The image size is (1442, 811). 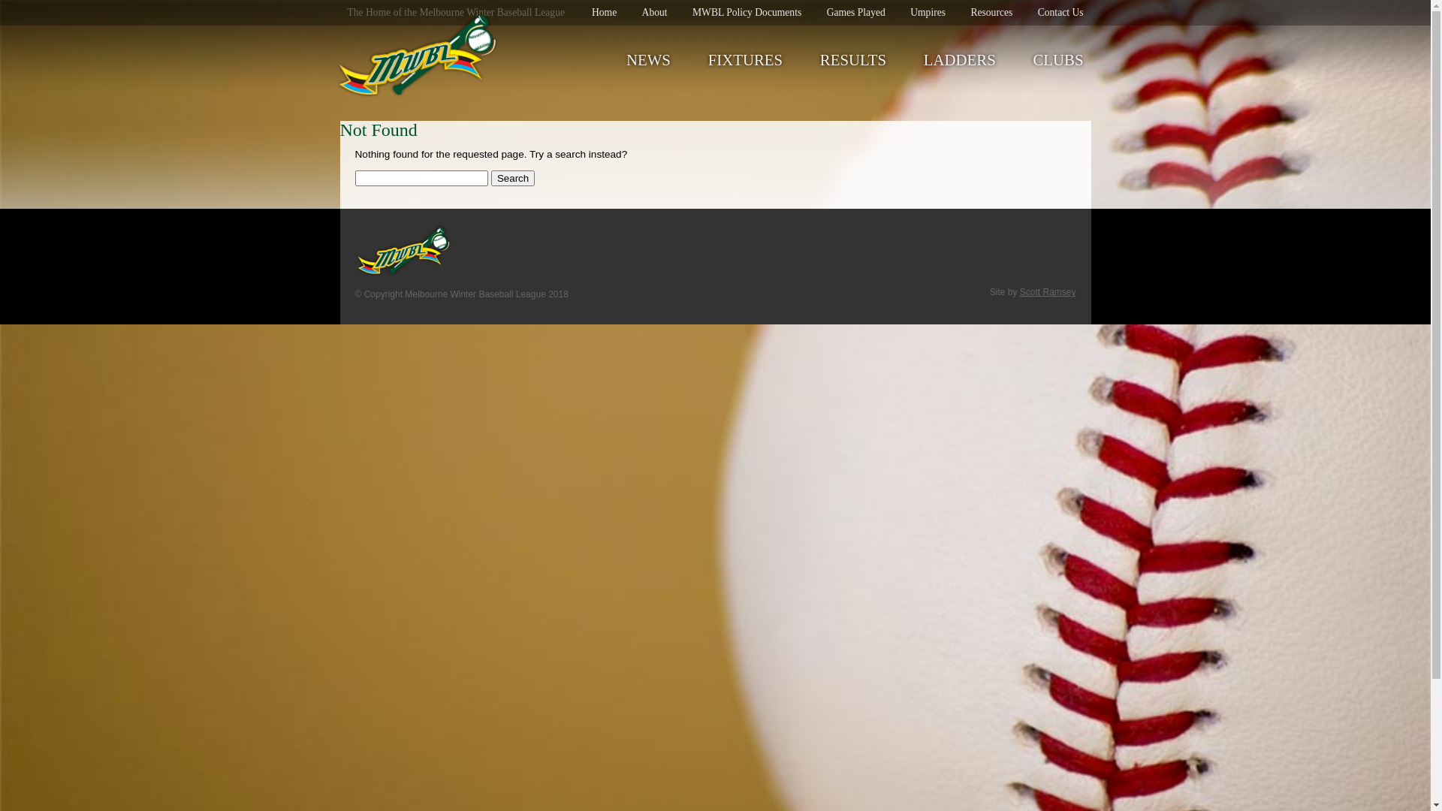 What do you see at coordinates (991, 12) in the screenshot?
I see `'Resources'` at bounding box center [991, 12].